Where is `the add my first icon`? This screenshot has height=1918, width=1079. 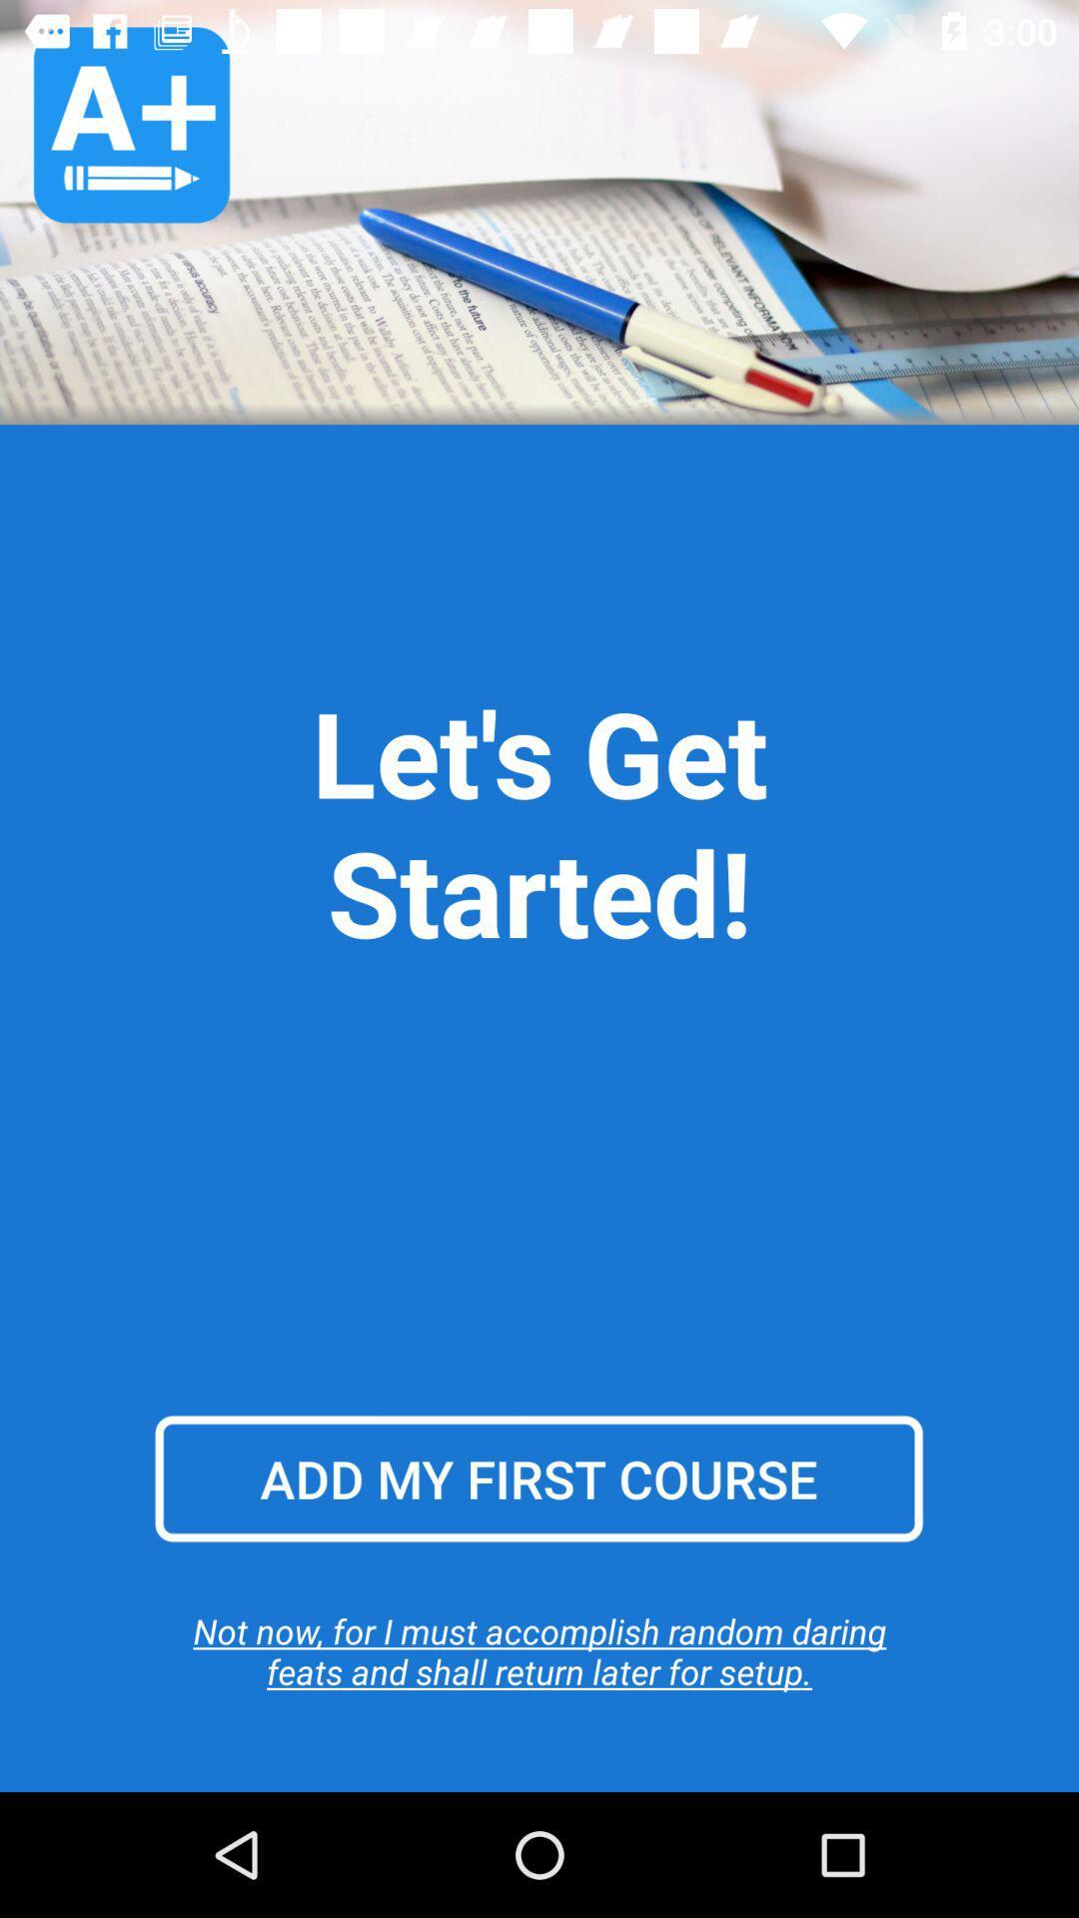 the add my first icon is located at coordinates (538, 1478).